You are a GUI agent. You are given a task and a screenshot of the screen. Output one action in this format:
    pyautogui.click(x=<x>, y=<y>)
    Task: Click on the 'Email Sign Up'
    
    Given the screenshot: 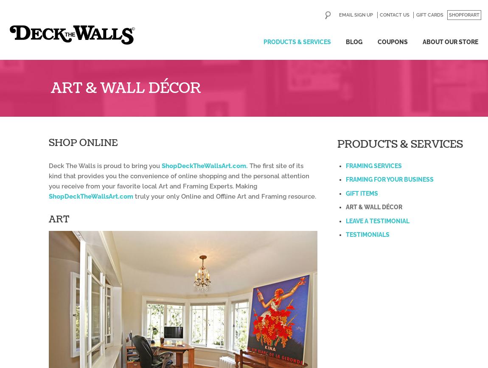 What is the action you would take?
    pyautogui.click(x=339, y=15)
    